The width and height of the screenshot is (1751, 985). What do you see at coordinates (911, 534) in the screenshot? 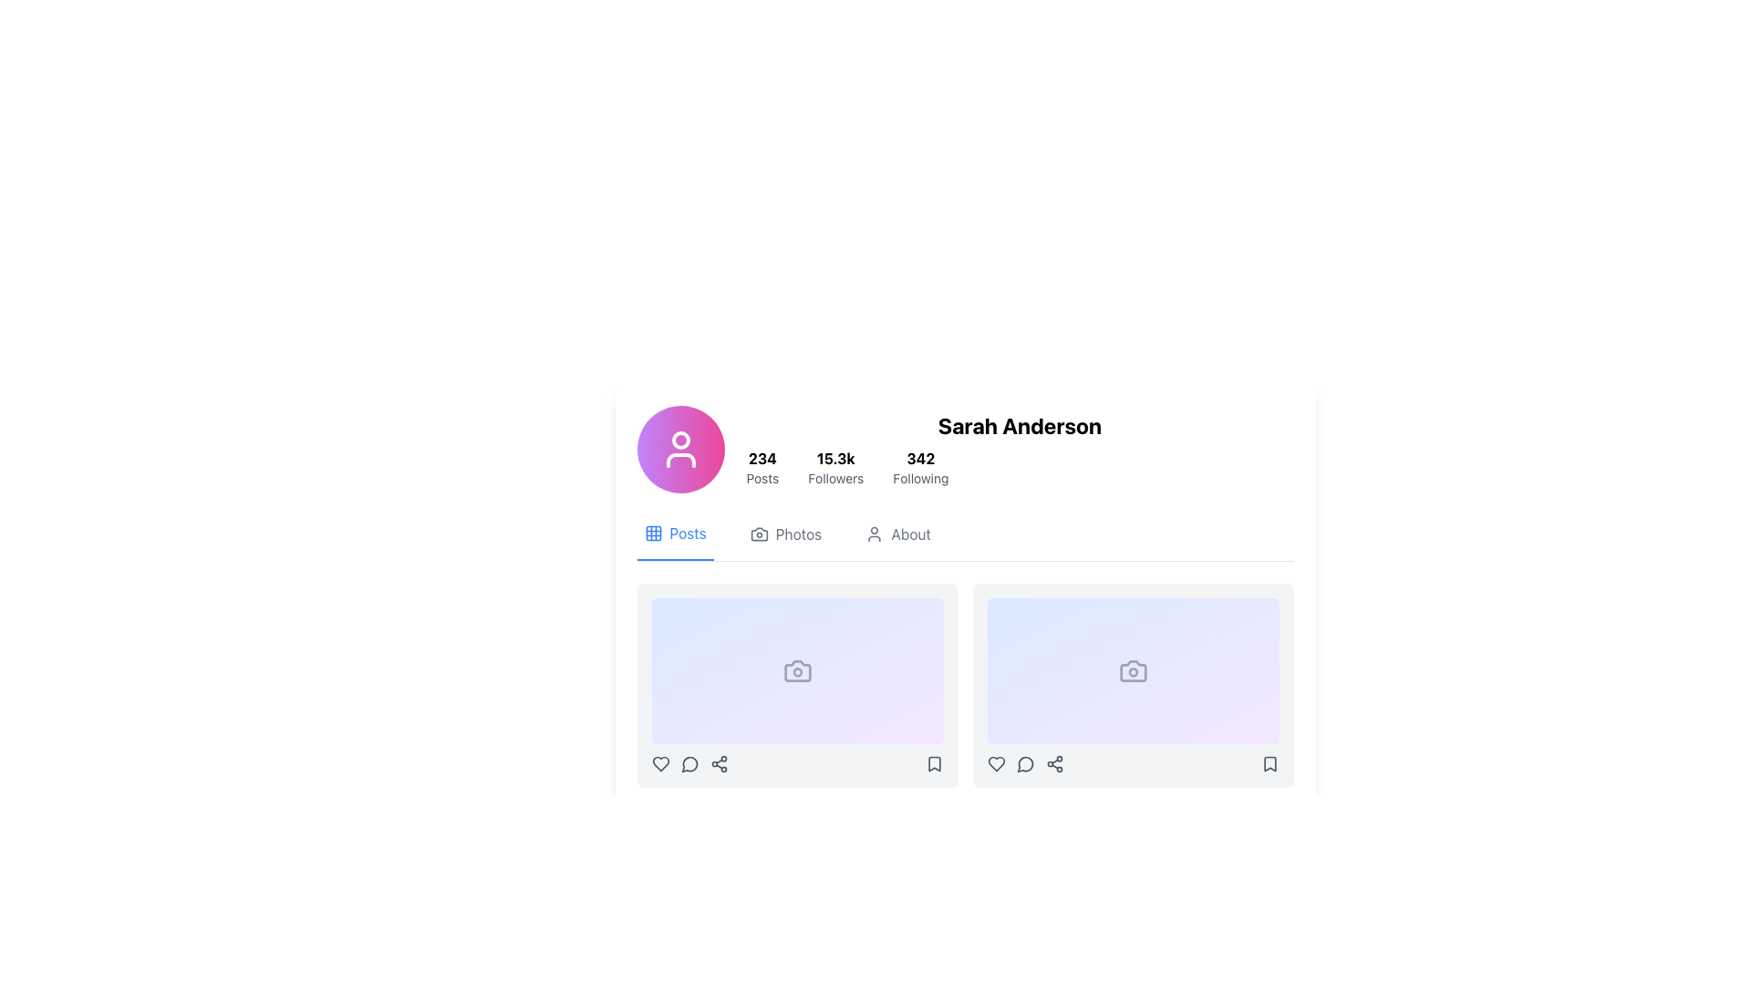
I see `the navigation link or label that directs users to more information about the user or profile, located as the fourth item in a horizontal row of options below the user profile header` at bounding box center [911, 534].